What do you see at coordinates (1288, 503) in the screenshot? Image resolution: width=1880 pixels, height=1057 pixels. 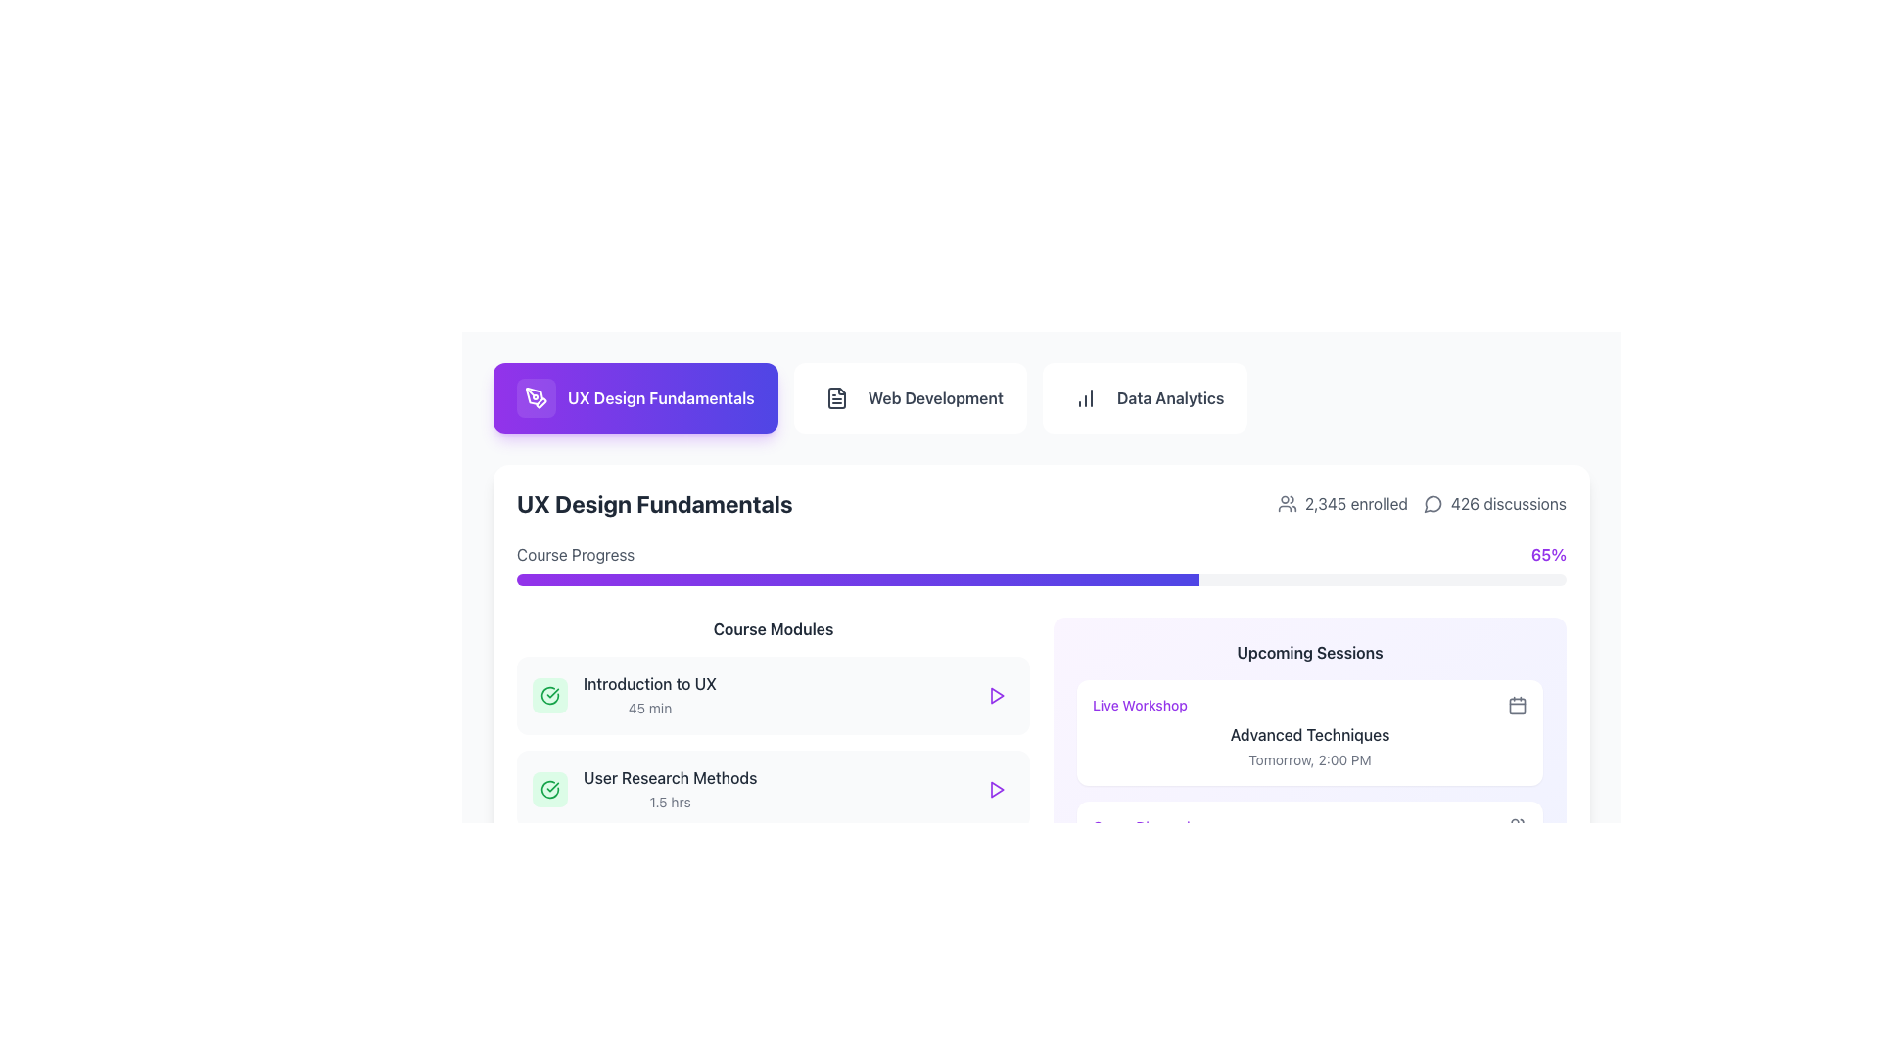 I see `the user icon representing a group of users, which is styled in gray and located to the left of the text '2,345 enrolled' near the top-right corner of the 'UX Design Fundamentals' section` at bounding box center [1288, 503].